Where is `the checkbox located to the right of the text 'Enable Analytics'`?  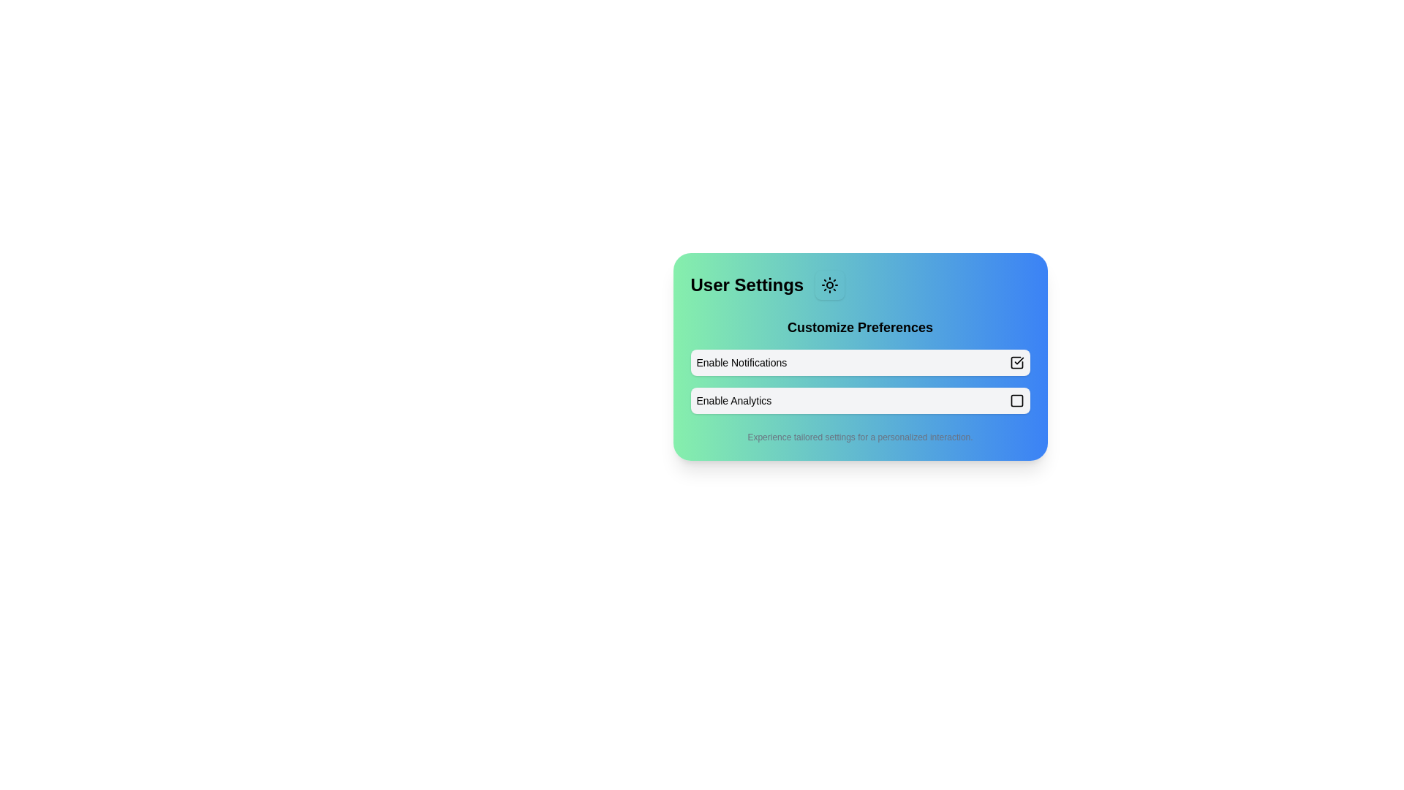
the checkbox located to the right of the text 'Enable Analytics' is located at coordinates (1016, 400).